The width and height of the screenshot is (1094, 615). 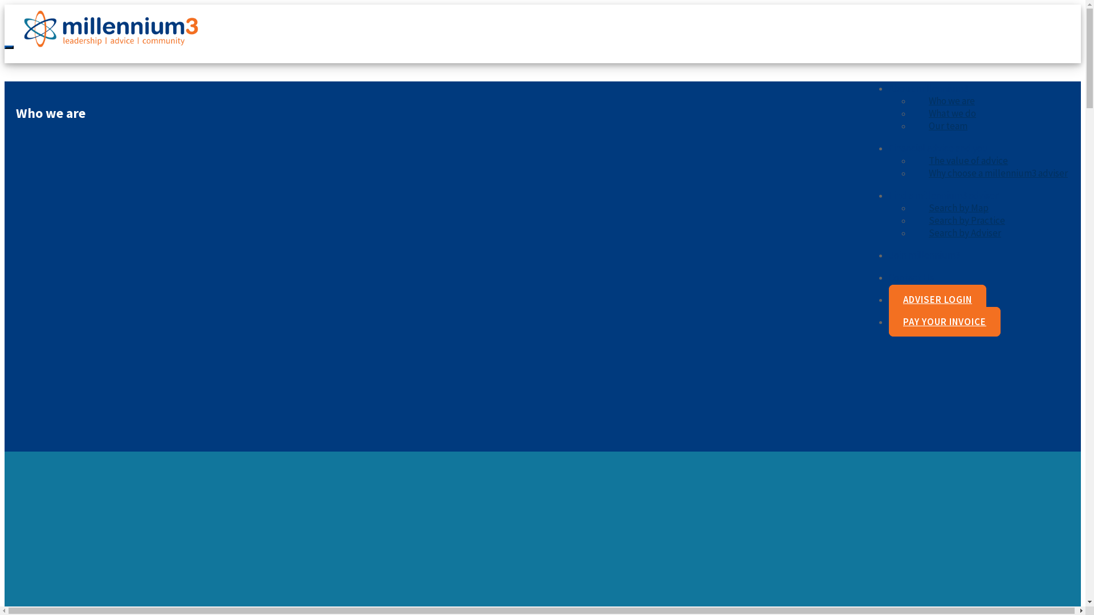 I want to click on 'Find a millennium3 adviser', so click(x=944, y=195).